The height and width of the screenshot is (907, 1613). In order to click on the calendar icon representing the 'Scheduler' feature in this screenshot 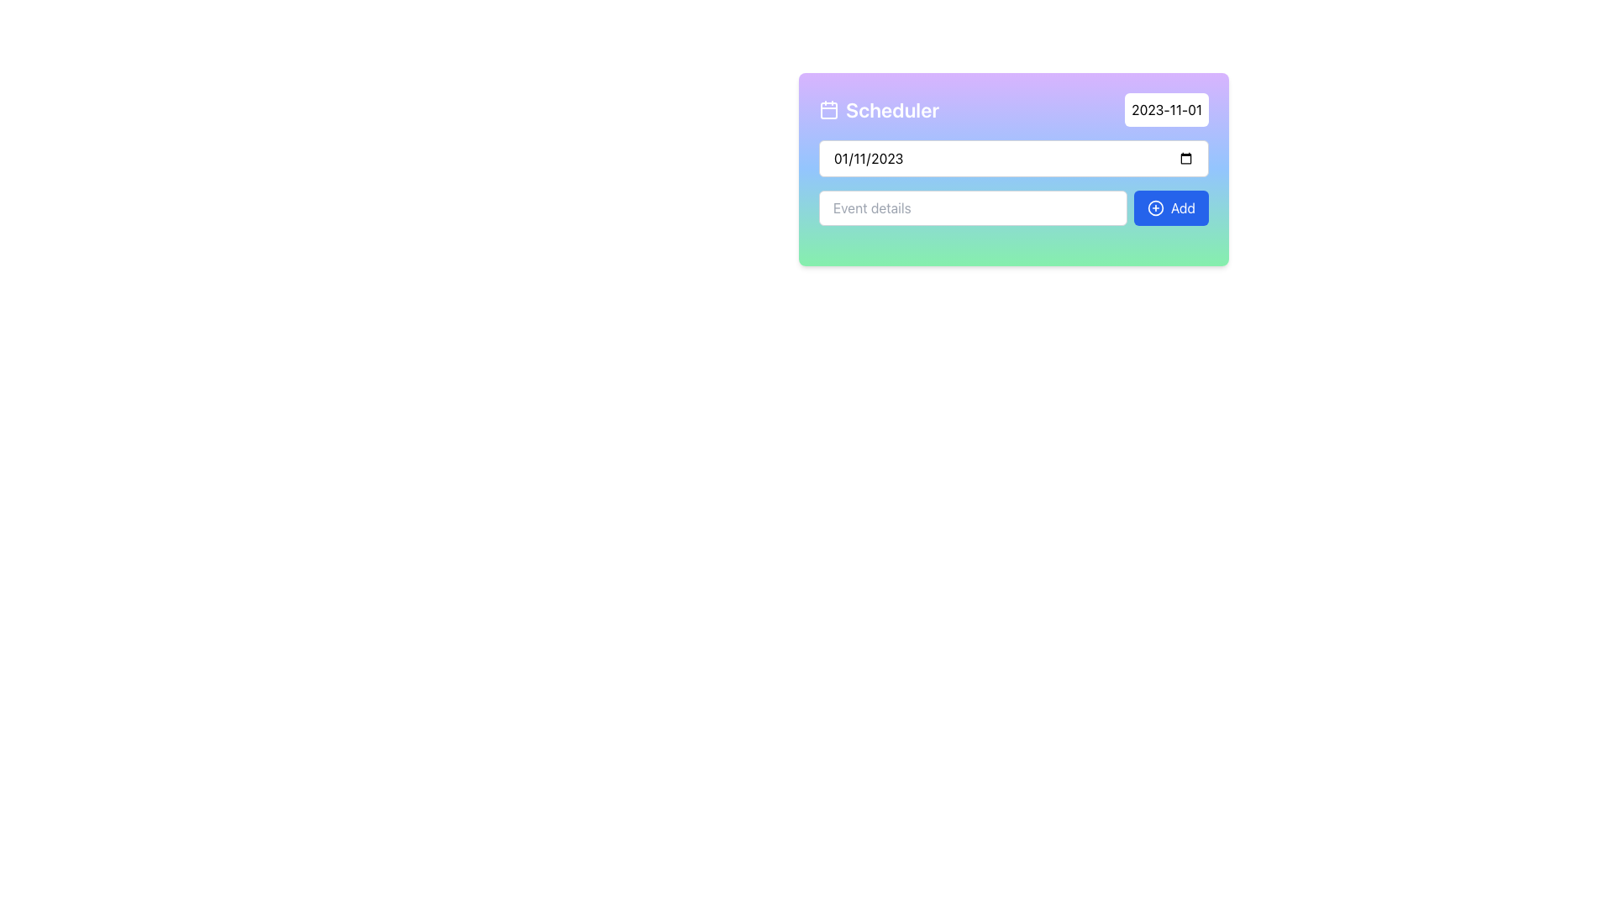, I will do `click(829, 110)`.